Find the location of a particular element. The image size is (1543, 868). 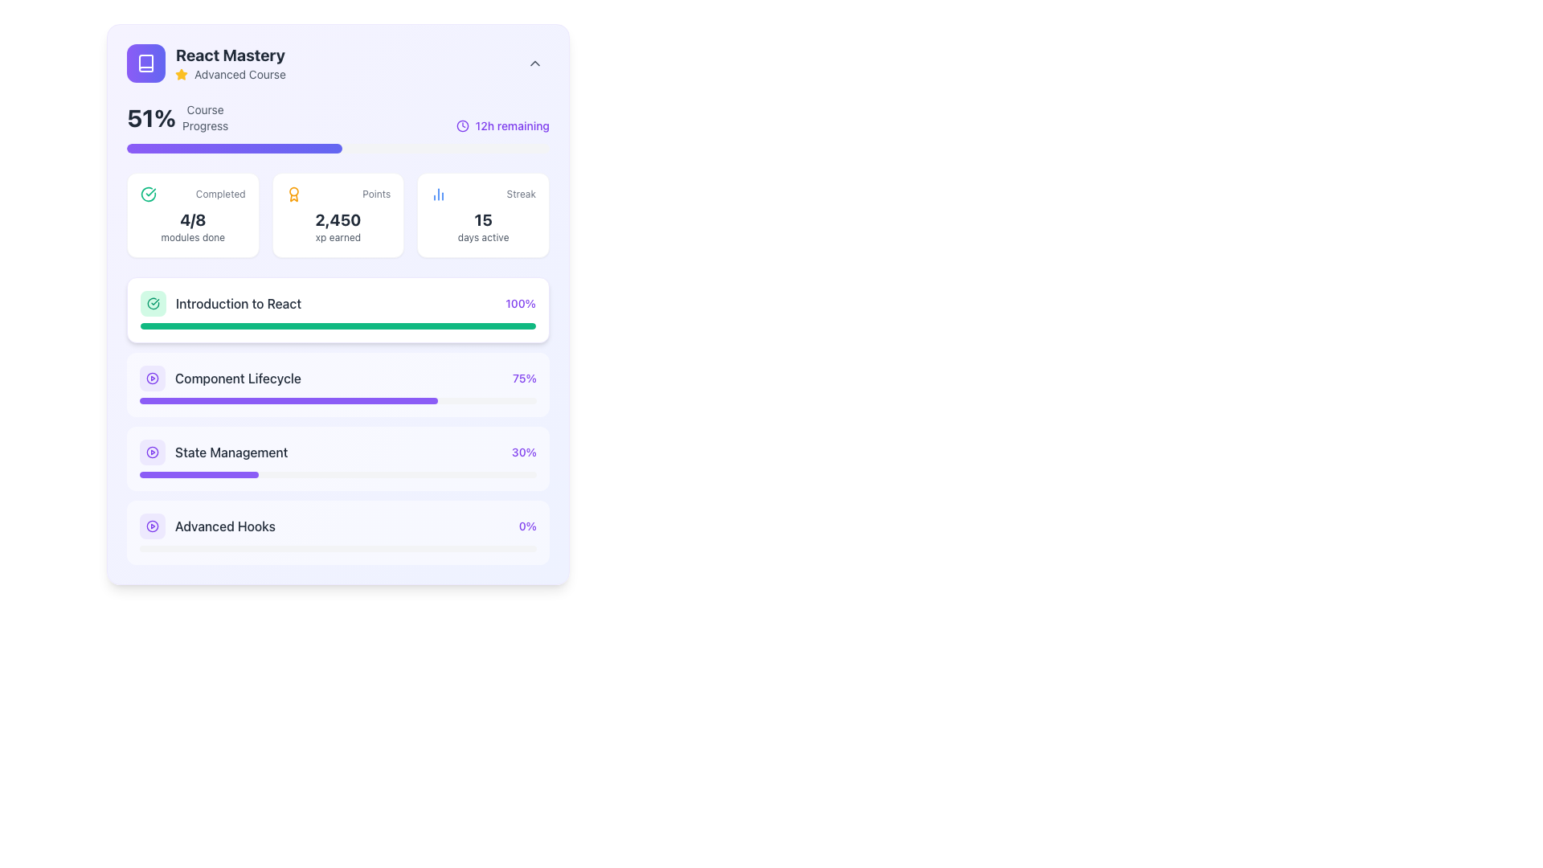

text label that contains 'Component Lifecycle', which is styled in medium weight gray font and positioned above the 'State Management' section in the progress bar display is located at coordinates (237, 378).